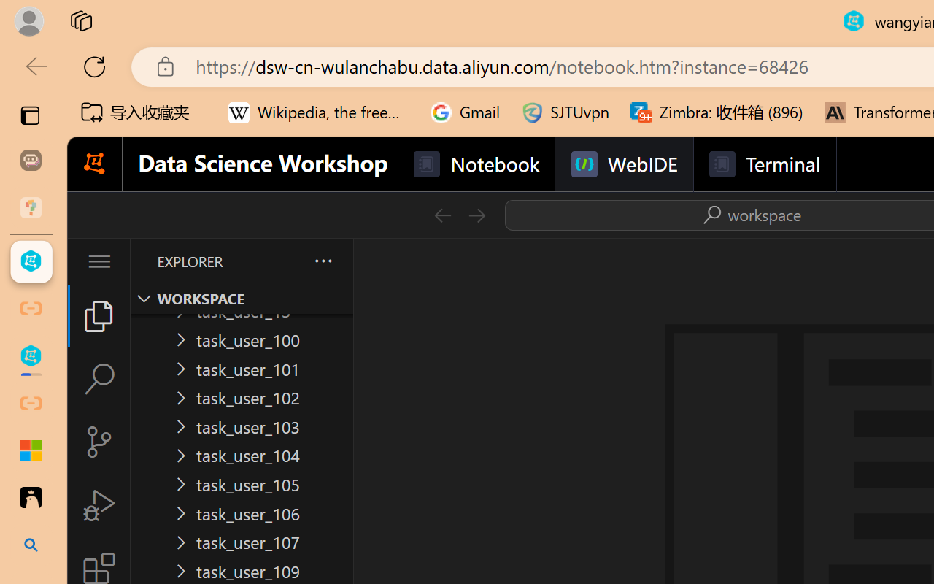 The width and height of the screenshot is (934, 584). Describe the element at coordinates (98, 378) in the screenshot. I see `'Search (Ctrl+Shift+F)'` at that location.